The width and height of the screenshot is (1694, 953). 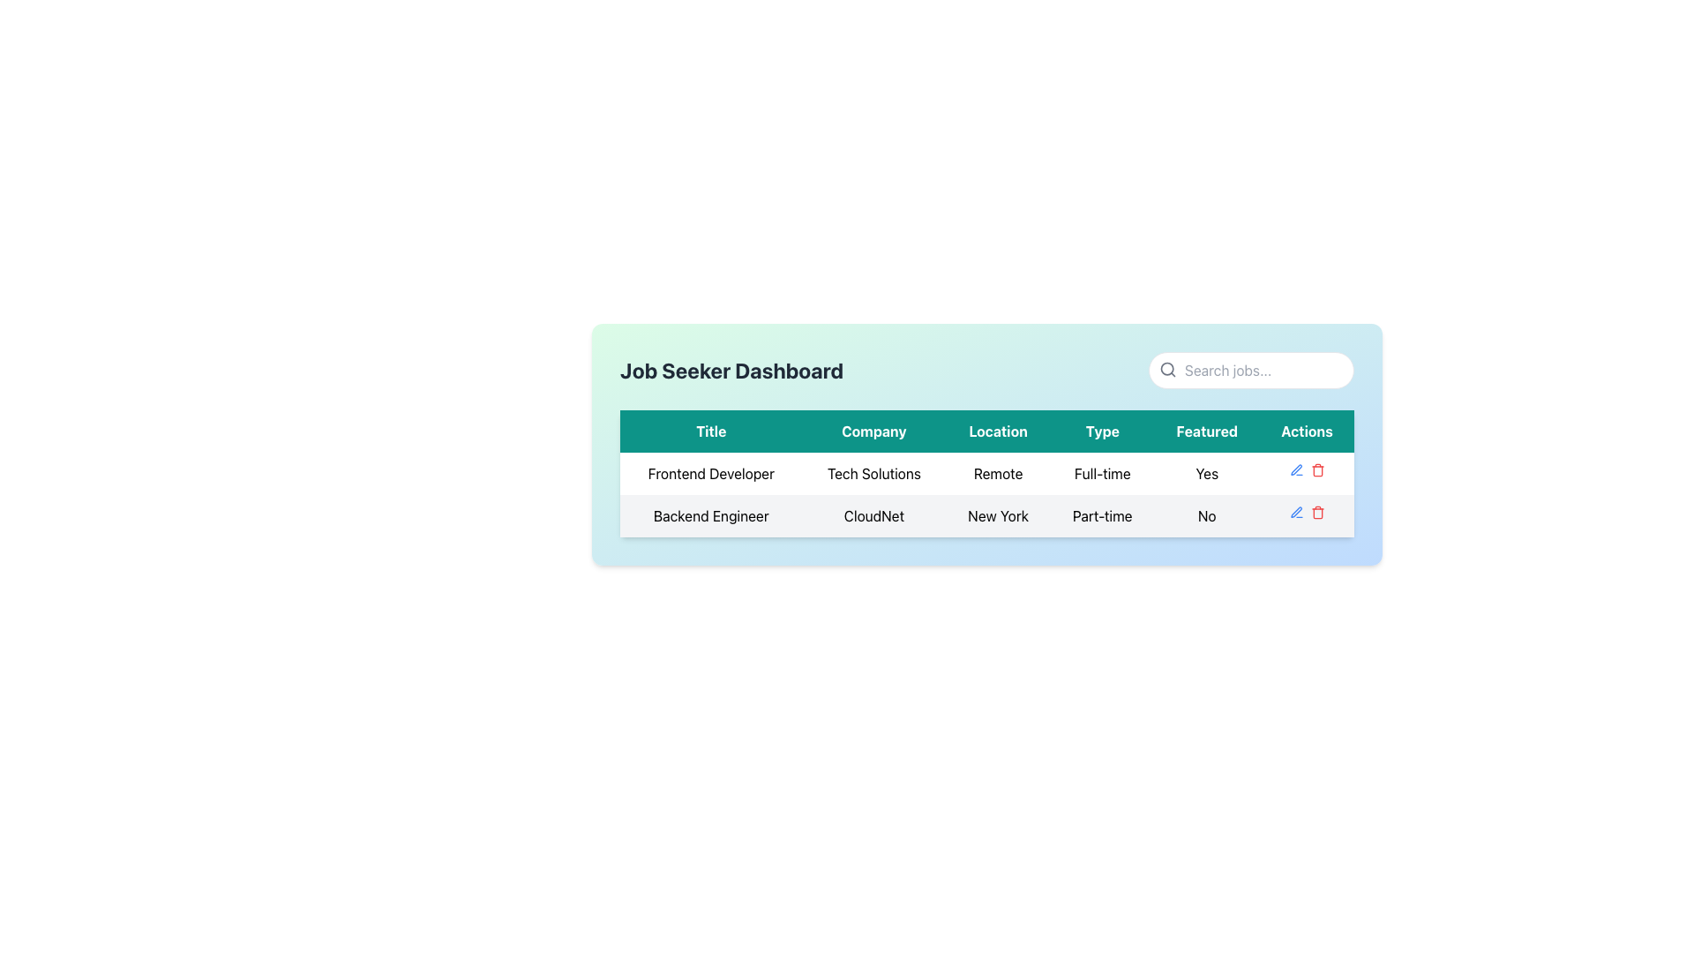 I want to click on the text input field for job search located in the top-right section of the Job Seeker Dashboard interface, so click(x=1250, y=370).